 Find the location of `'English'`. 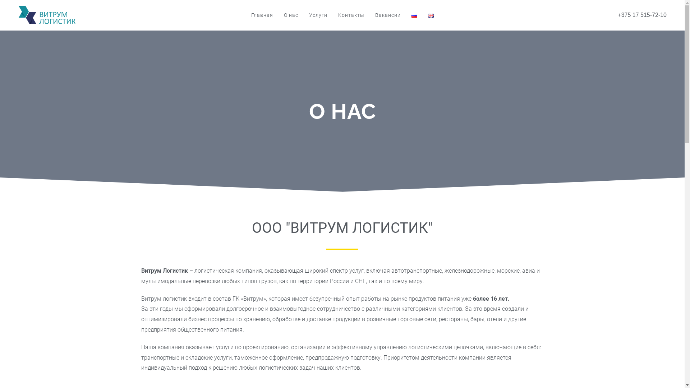

'English' is located at coordinates (431, 15).